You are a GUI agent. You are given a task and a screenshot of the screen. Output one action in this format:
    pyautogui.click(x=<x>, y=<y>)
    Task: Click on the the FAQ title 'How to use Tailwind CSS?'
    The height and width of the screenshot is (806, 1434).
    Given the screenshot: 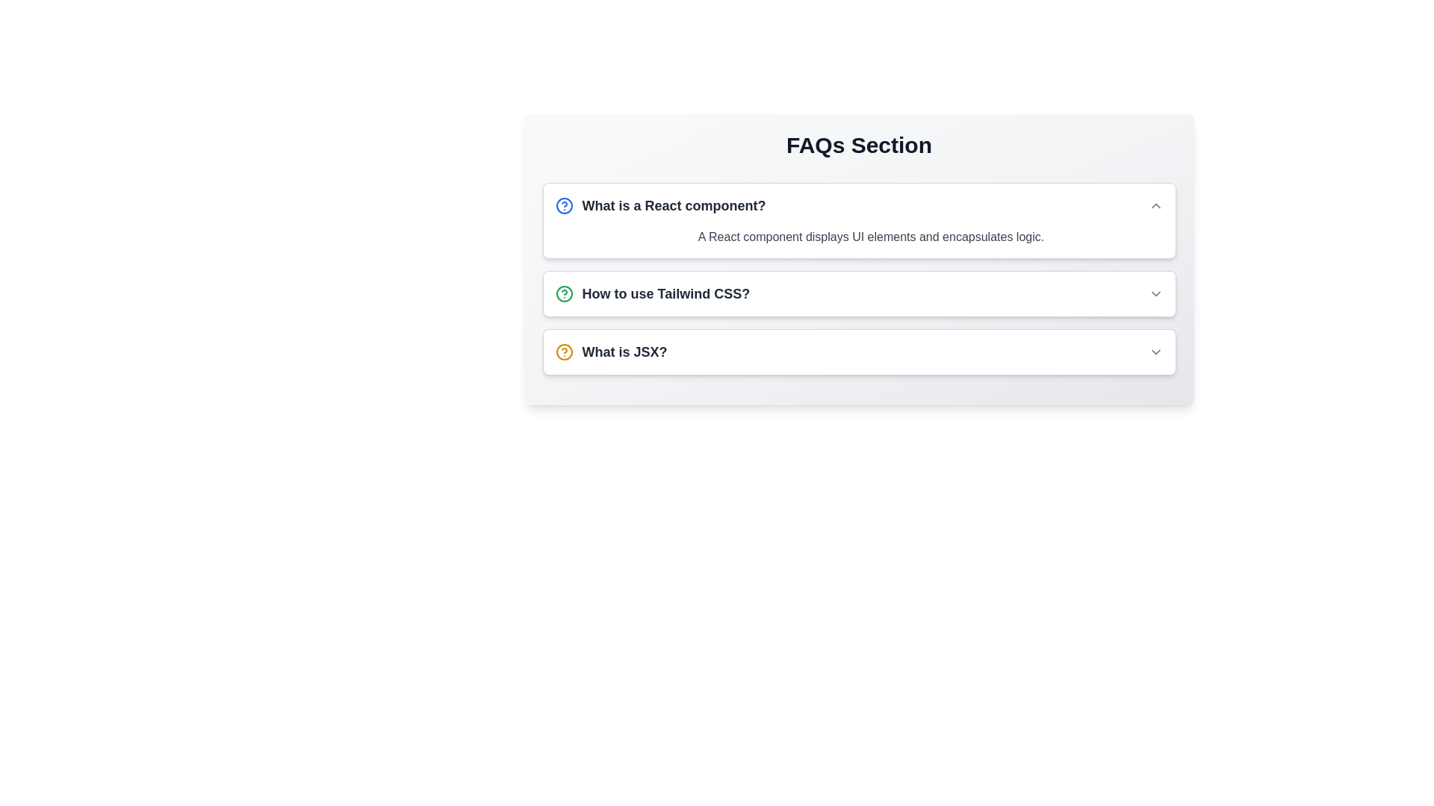 What is the action you would take?
    pyautogui.click(x=652, y=293)
    